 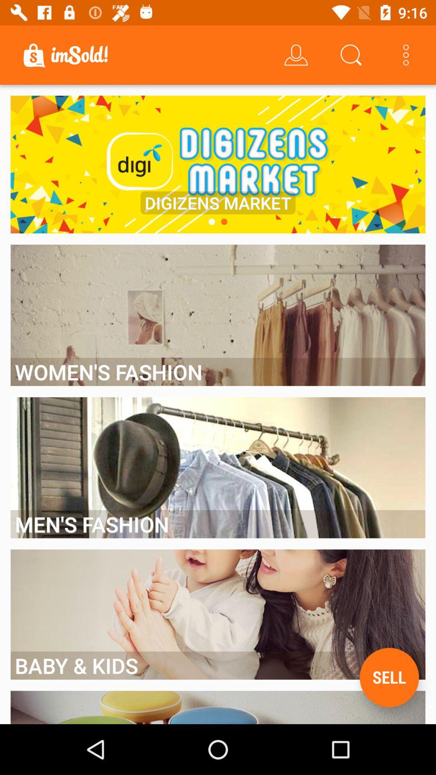 What do you see at coordinates (224, 222) in the screenshot?
I see `the icon below the digizens market item` at bounding box center [224, 222].